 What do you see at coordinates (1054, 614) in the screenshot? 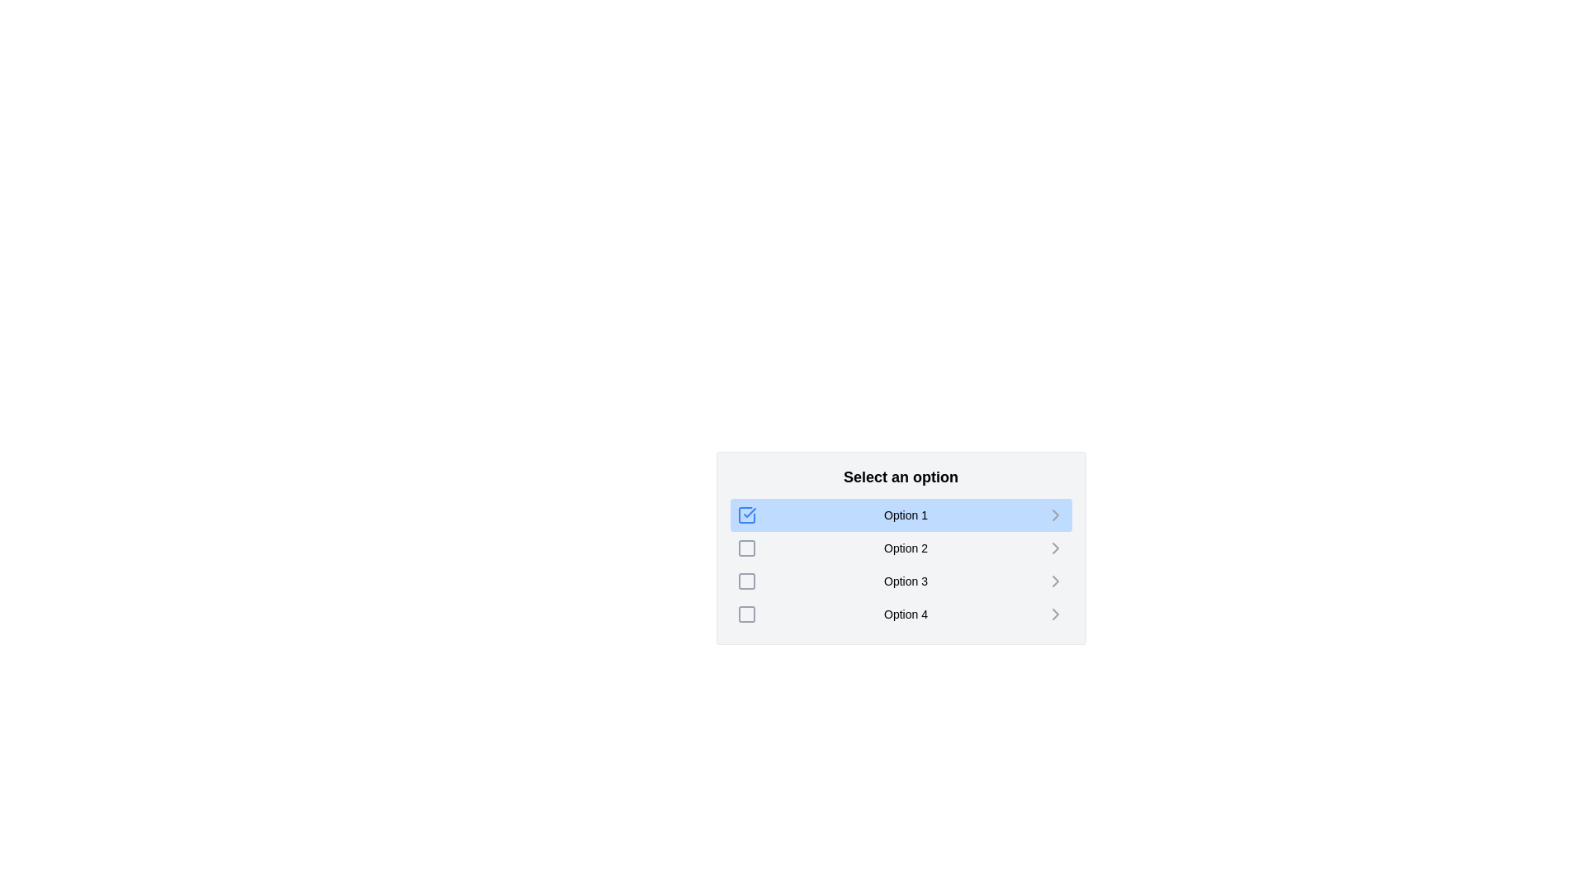
I see `the small rightward-pointing chevron icon located at the far-right edge of 'Option 4'` at bounding box center [1054, 614].